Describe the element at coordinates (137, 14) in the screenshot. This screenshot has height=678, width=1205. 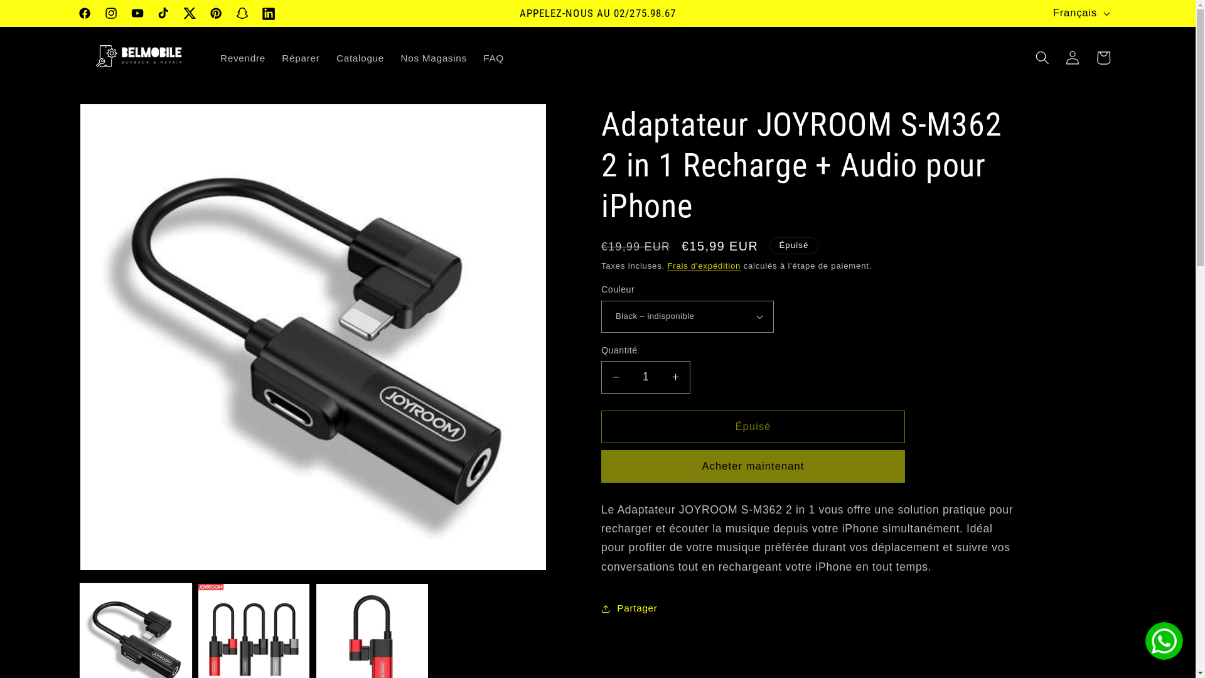
I see `'YouTube'` at that location.